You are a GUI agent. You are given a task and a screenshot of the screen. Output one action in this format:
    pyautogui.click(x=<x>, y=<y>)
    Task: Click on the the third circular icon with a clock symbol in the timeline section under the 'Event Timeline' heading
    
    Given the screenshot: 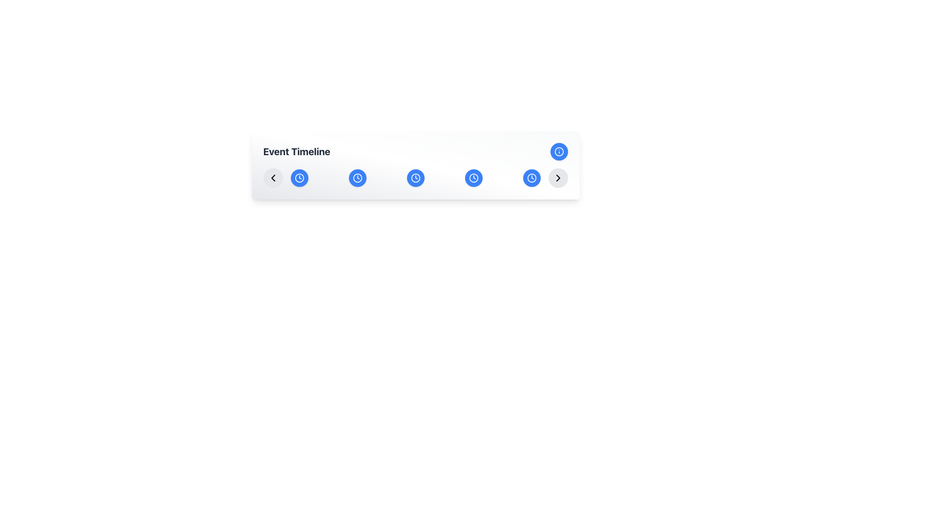 What is the action you would take?
    pyautogui.click(x=415, y=178)
    